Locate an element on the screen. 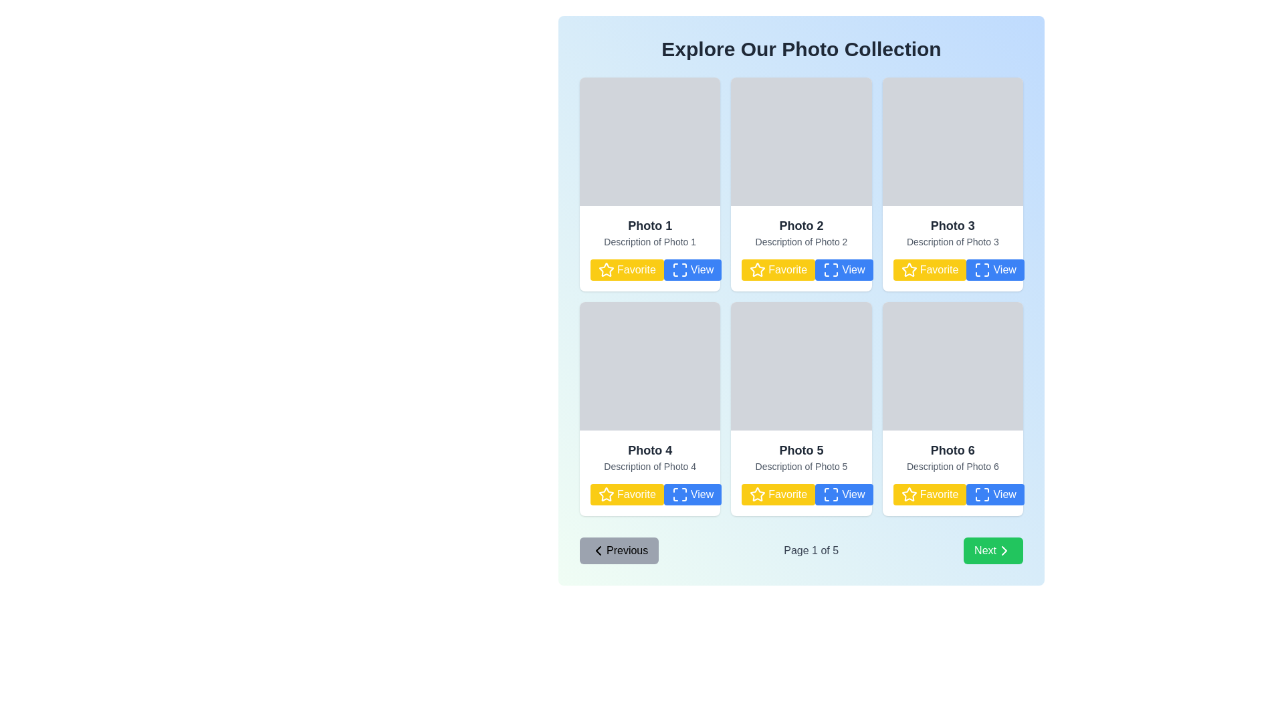  the star icon located in the third card of the grid layout to mark the associated item as a 'Favorite.' is located at coordinates (908, 269).